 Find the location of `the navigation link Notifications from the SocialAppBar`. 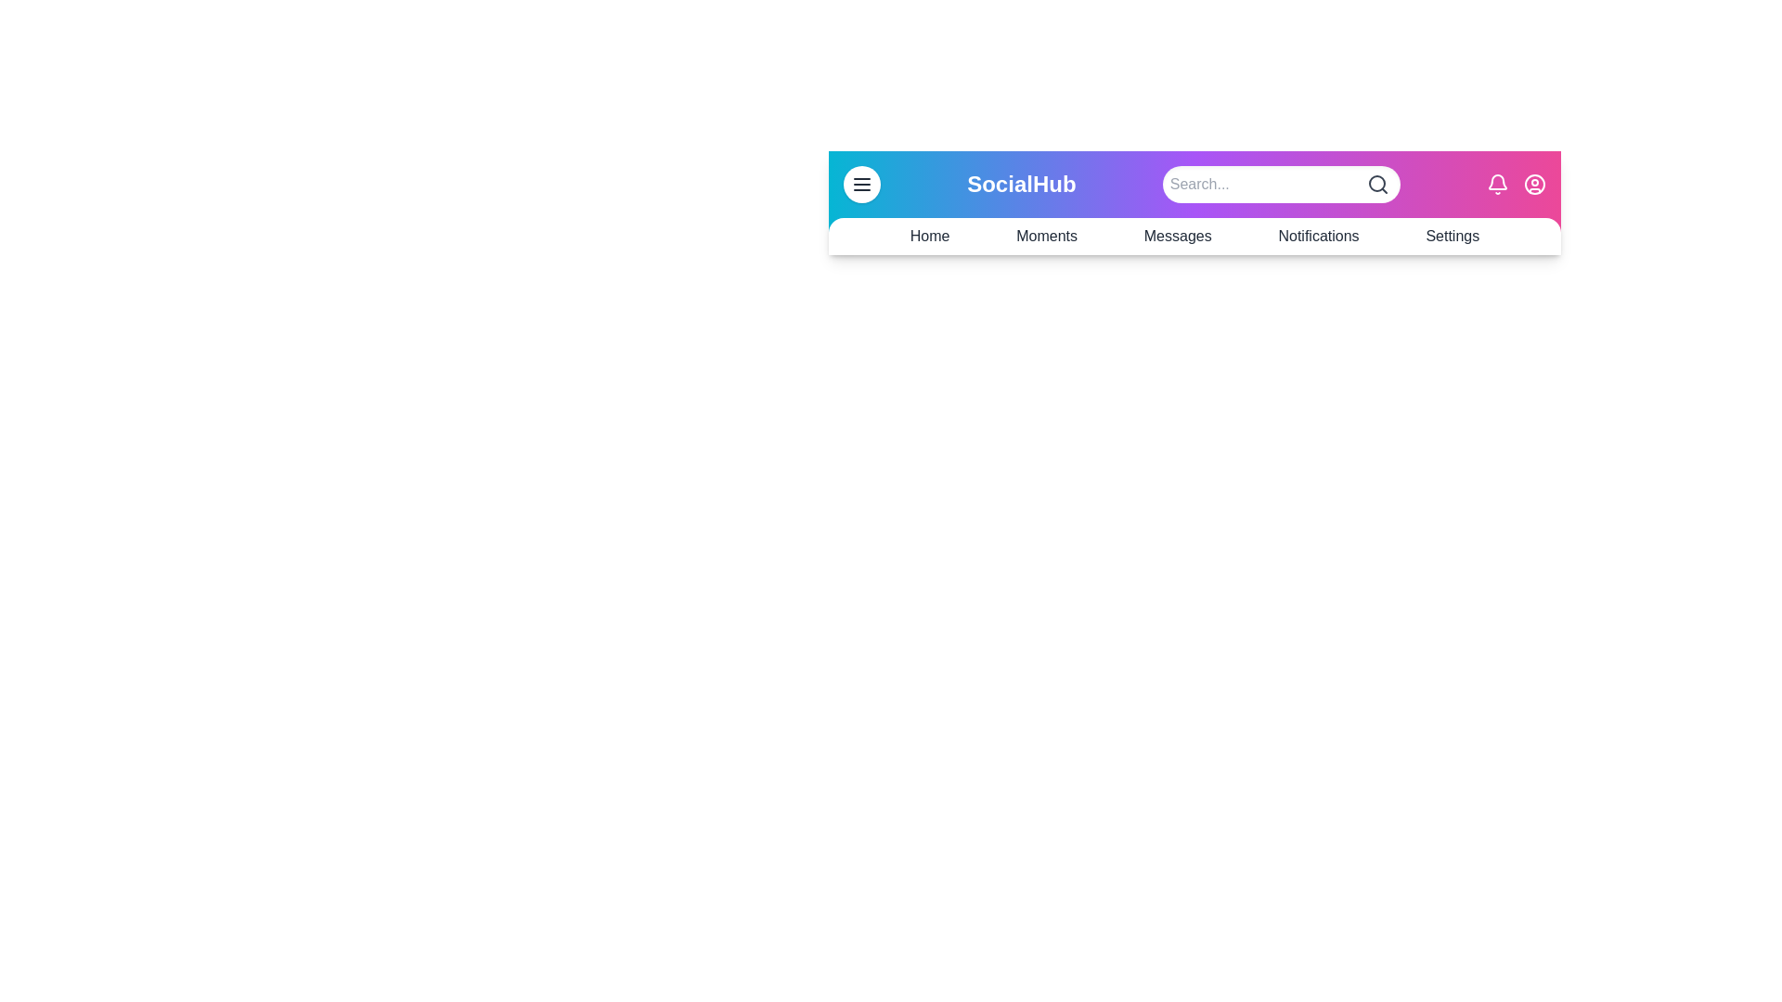

the navigation link Notifications from the SocialAppBar is located at coordinates (1317, 235).